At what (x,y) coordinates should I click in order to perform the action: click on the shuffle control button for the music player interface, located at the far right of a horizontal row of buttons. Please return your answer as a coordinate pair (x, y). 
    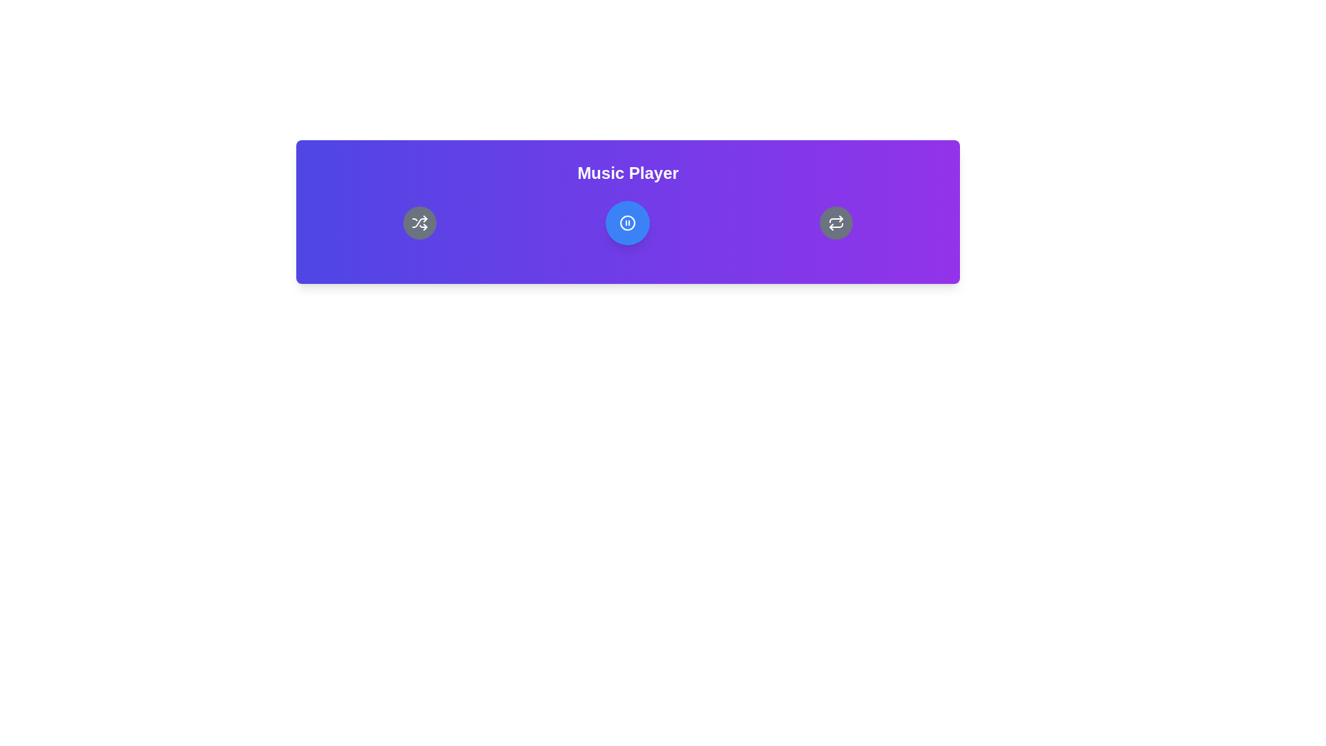
    Looking at the image, I should click on (419, 222).